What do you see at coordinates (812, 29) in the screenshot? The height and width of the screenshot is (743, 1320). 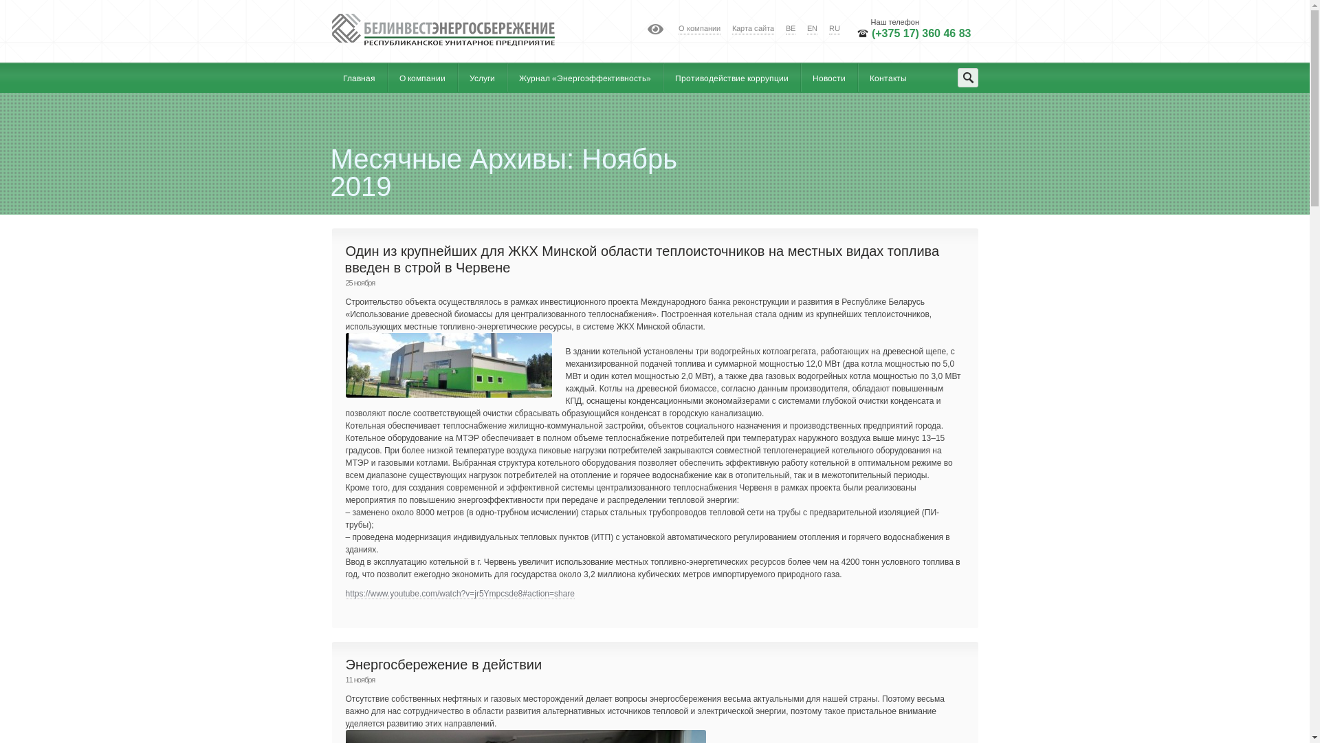 I see `'EN'` at bounding box center [812, 29].